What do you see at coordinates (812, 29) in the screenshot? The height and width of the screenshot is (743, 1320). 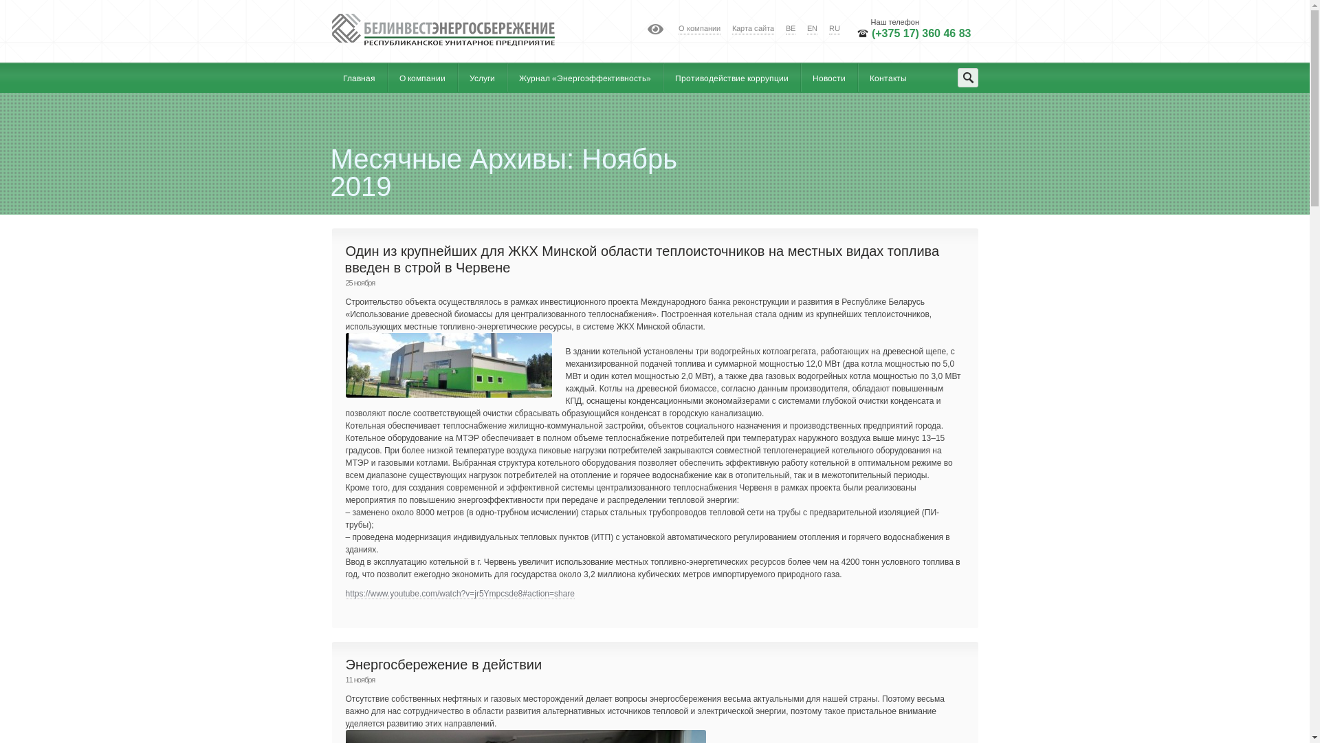 I see `'EN'` at bounding box center [812, 29].